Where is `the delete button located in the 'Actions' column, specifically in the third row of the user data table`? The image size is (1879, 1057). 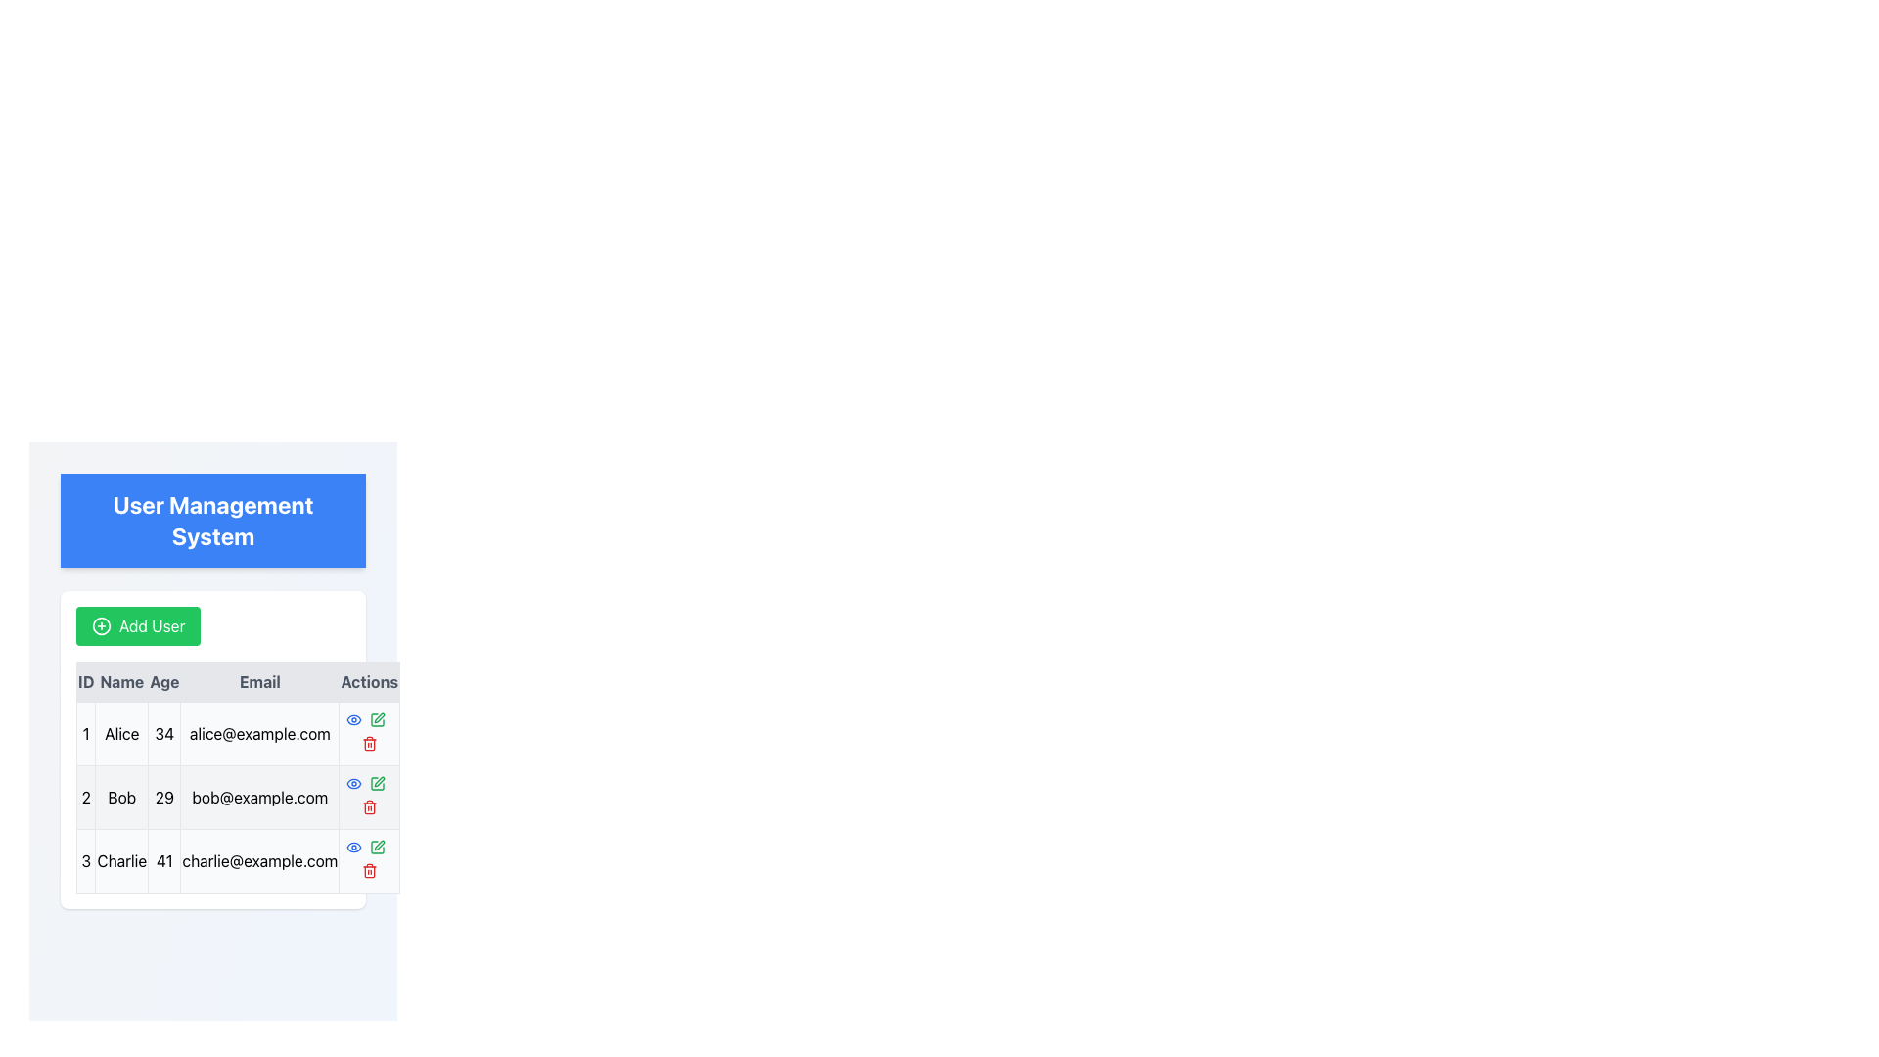 the delete button located in the 'Actions' column, specifically in the third row of the user data table is located at coordinates (369, 743).